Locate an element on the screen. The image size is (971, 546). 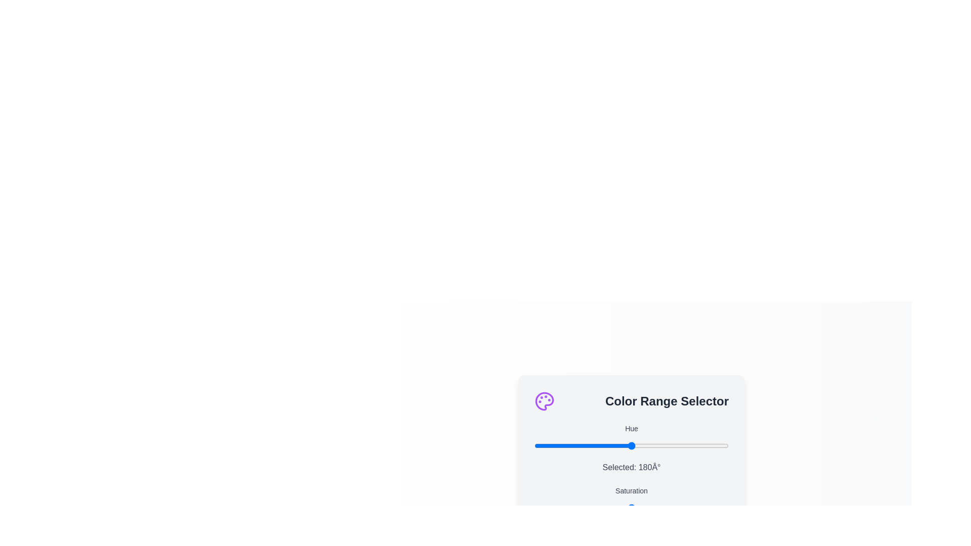
the hue is located at coordinates (701, 445).